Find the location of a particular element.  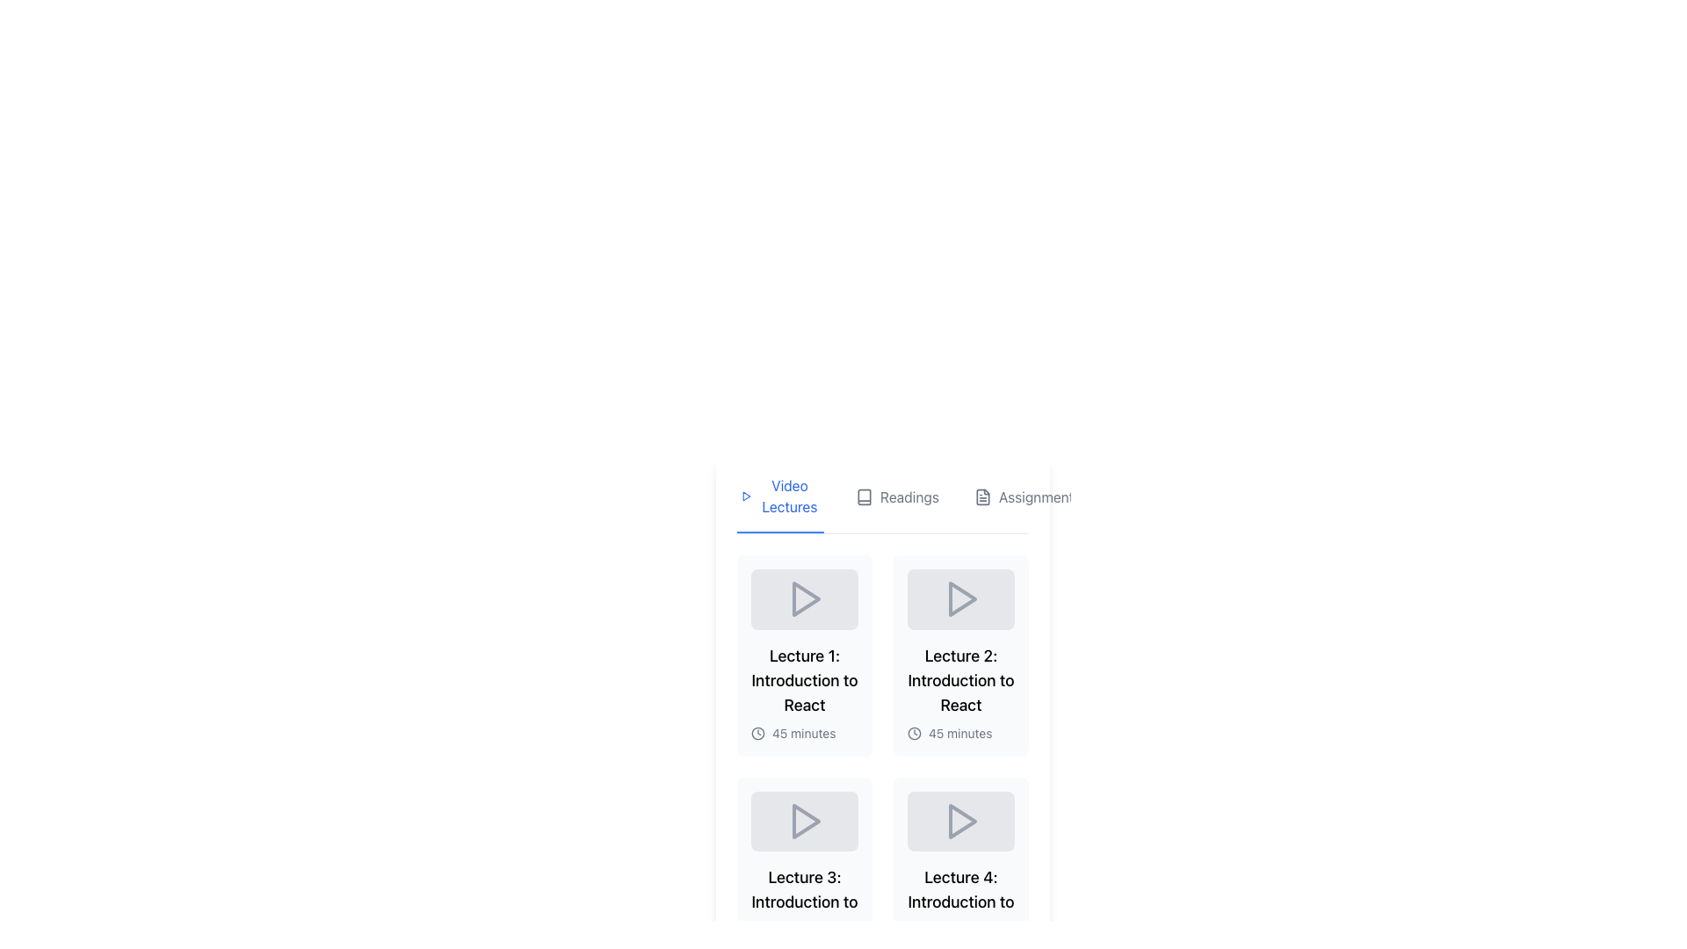

the time icon located to the left of the '45 minutes' text, which indicates the duration of the lecture in the 'Lecture 2: Introduction to React' card is located at coordinates (914, 732).